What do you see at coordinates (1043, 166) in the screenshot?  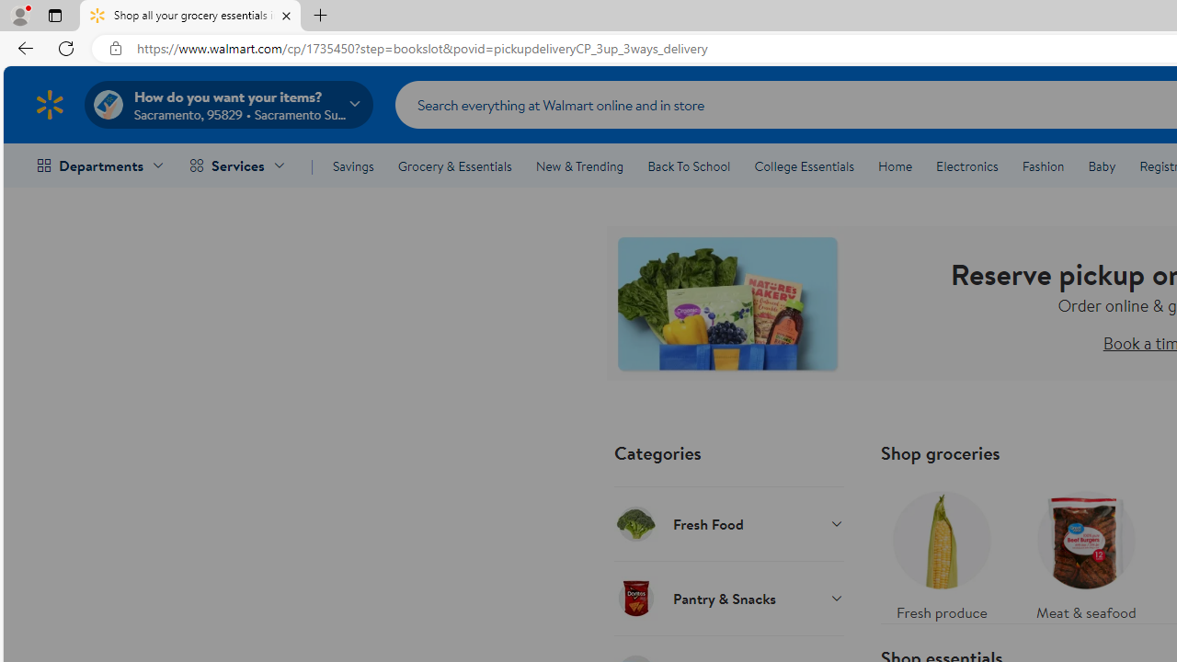 I see `'Fashion'` at bounding box center [1043, 166].